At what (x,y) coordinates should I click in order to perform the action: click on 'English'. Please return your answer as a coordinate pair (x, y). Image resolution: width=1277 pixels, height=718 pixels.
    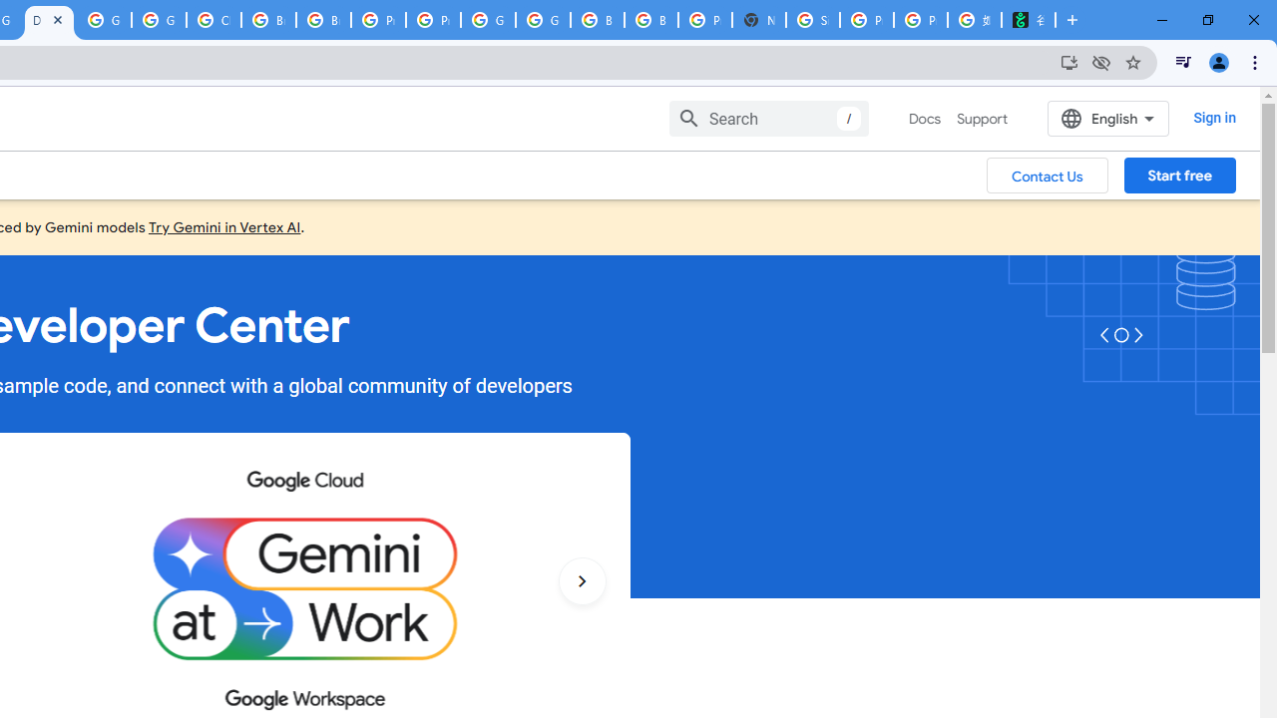
    Looking at the image, I should click on (1107, 118).